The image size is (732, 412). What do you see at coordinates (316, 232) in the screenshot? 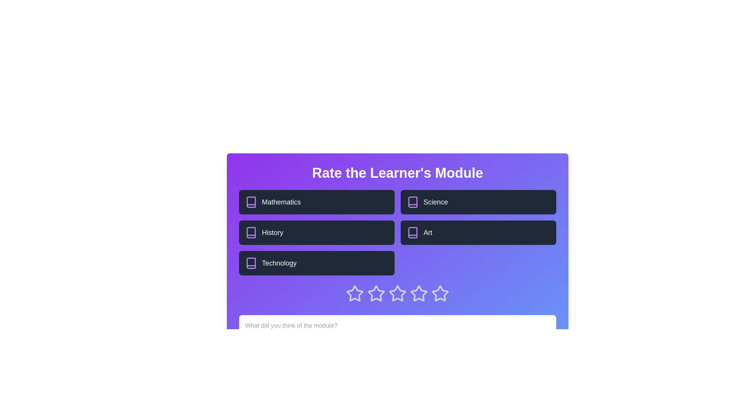
I see `the topic block labeled History` at bounding box center [316, 232].